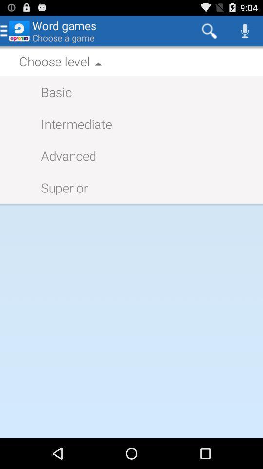  Describe the element at coordinates (64, 155) in the screenshot. I see `advanced` at that location.